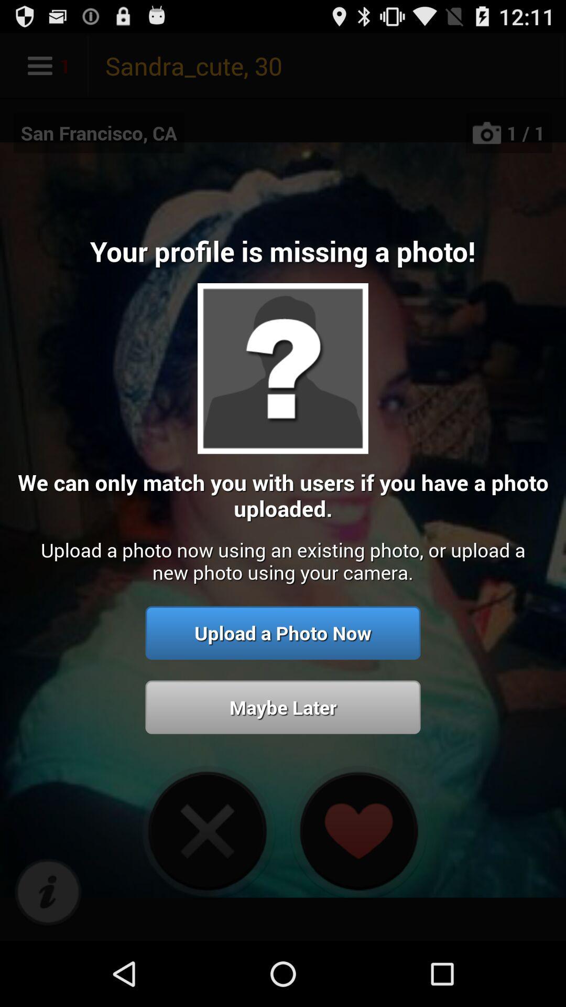 The width and height of the screenshot is (566, 1007). I want to click on info menu, so click(48, 892).